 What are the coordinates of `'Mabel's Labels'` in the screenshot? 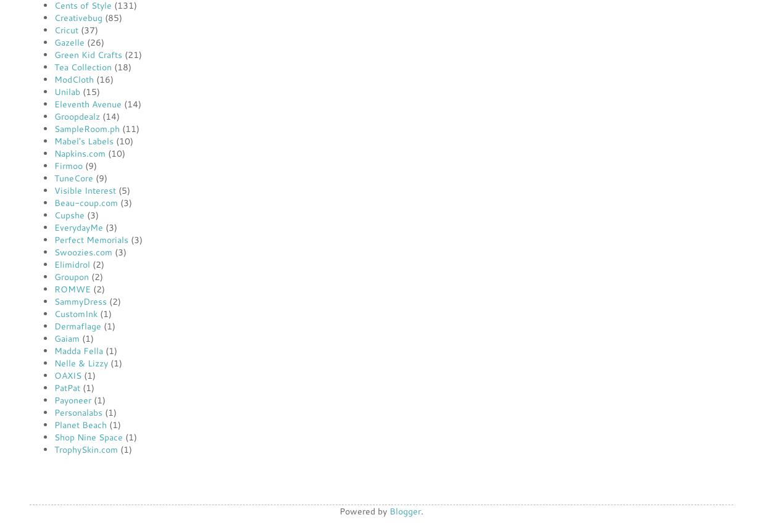 It's located at (83, 141).